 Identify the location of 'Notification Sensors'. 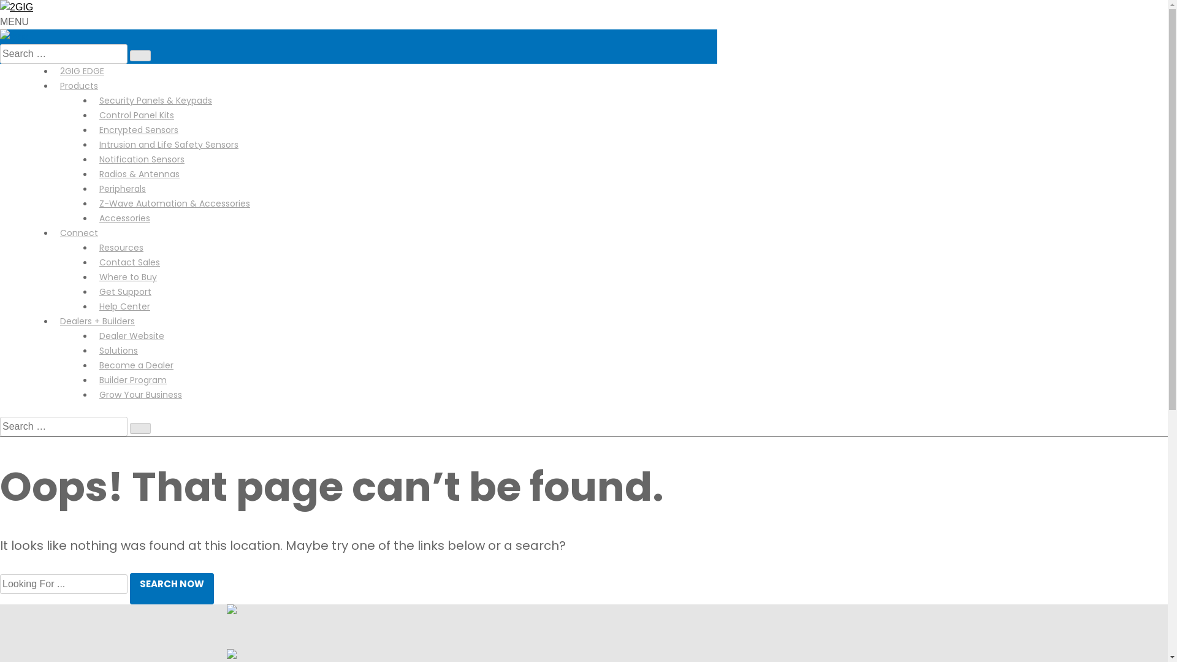
(142, 158).